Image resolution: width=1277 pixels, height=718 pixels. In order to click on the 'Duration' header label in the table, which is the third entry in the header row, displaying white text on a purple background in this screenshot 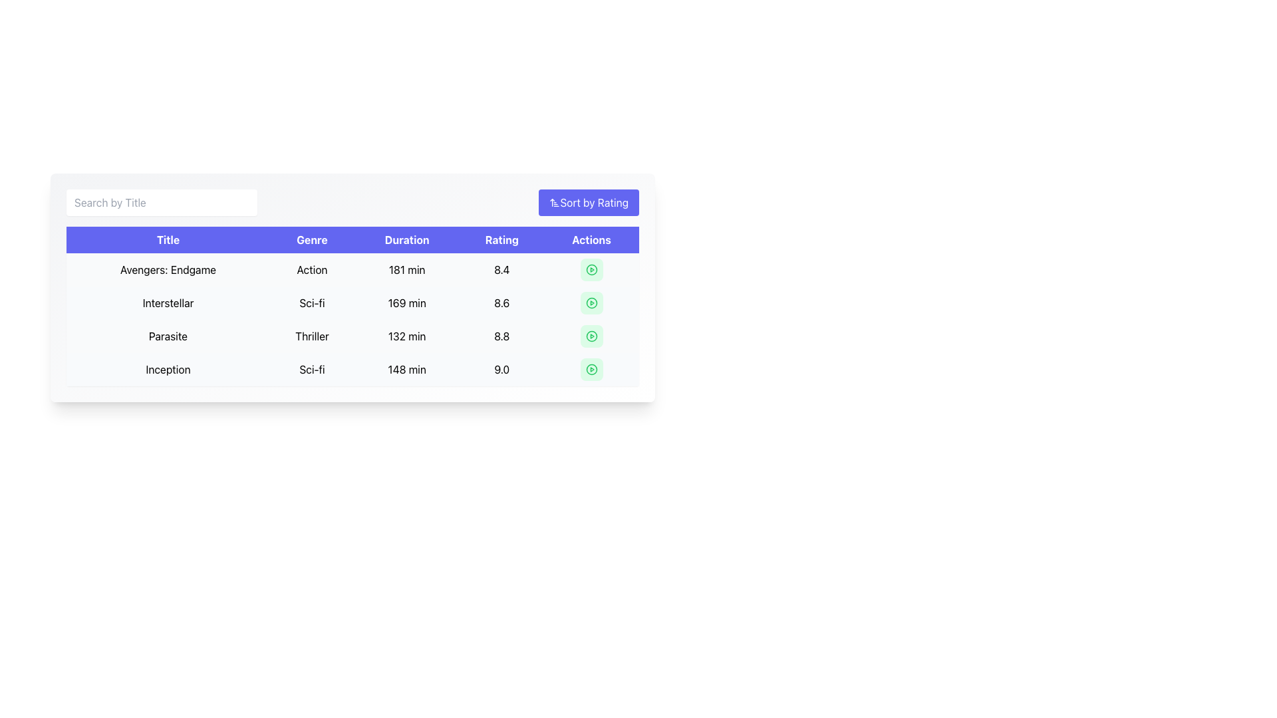, I will do `click(406, 240)`.